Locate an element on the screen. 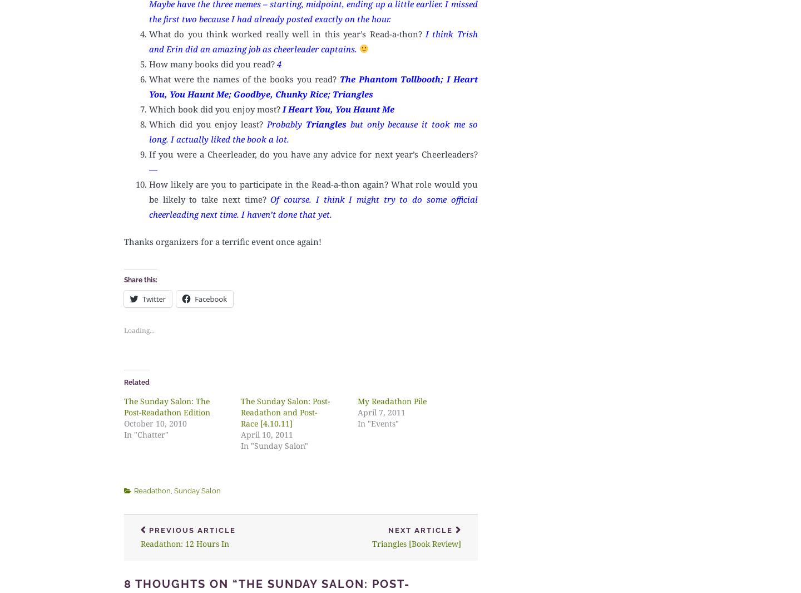  '4' is located at coordinates (278, 62).